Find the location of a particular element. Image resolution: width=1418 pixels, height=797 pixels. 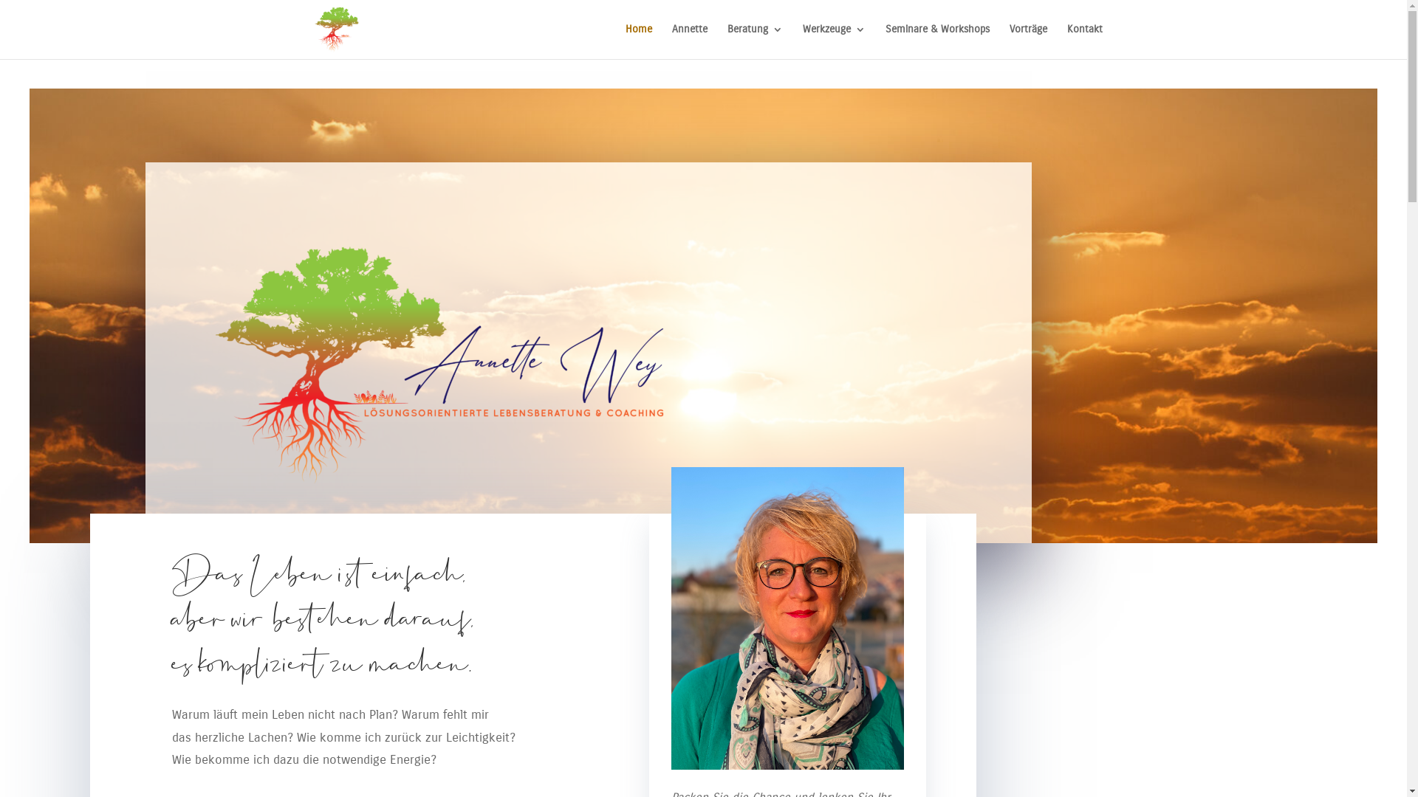

'Home' is located at coordinates (638, 41).